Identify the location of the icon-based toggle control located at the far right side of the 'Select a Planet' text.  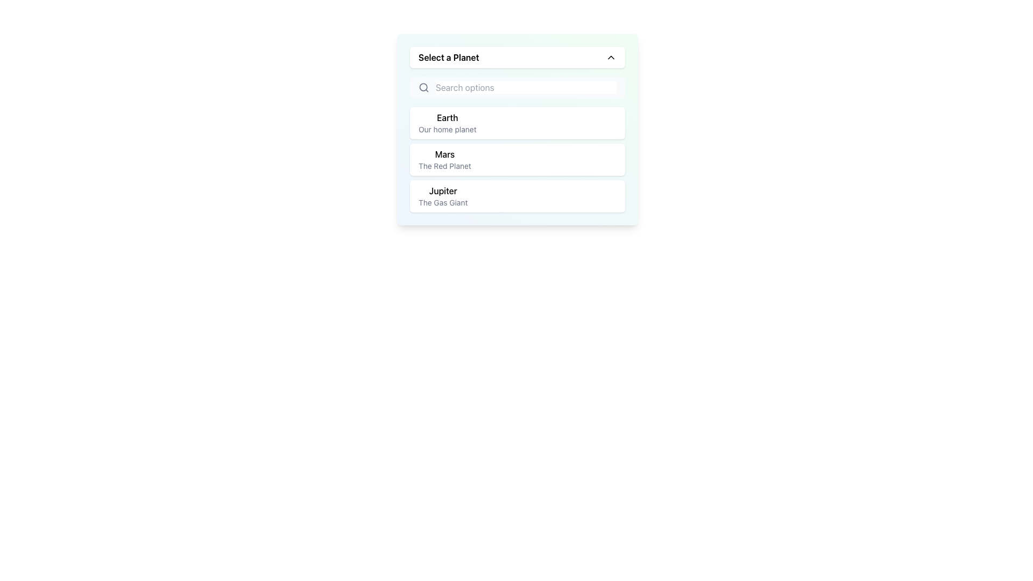
(611, 58).